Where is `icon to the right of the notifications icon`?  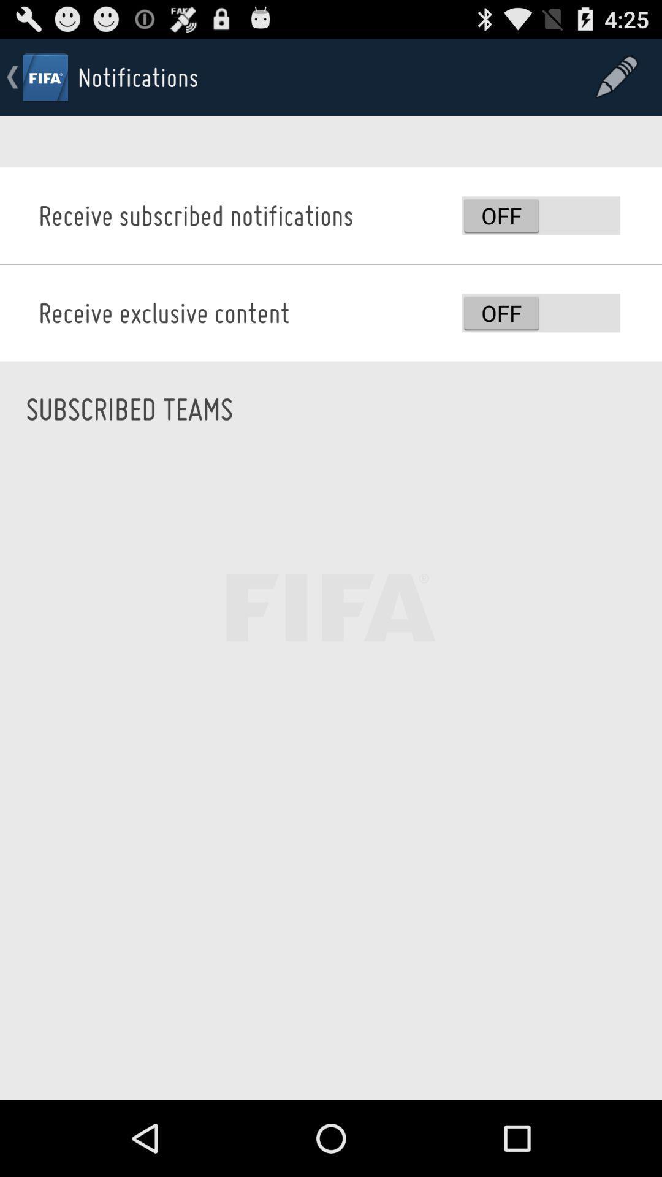
icon to the right of the notifications icon is located at coordinates (617, 76).